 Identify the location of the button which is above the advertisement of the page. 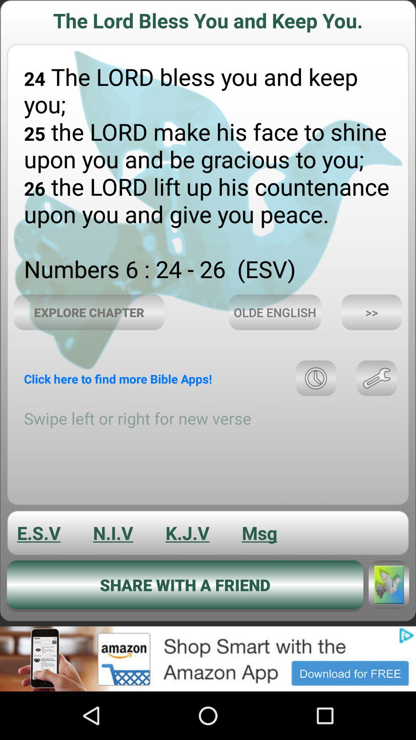
(185, 584).